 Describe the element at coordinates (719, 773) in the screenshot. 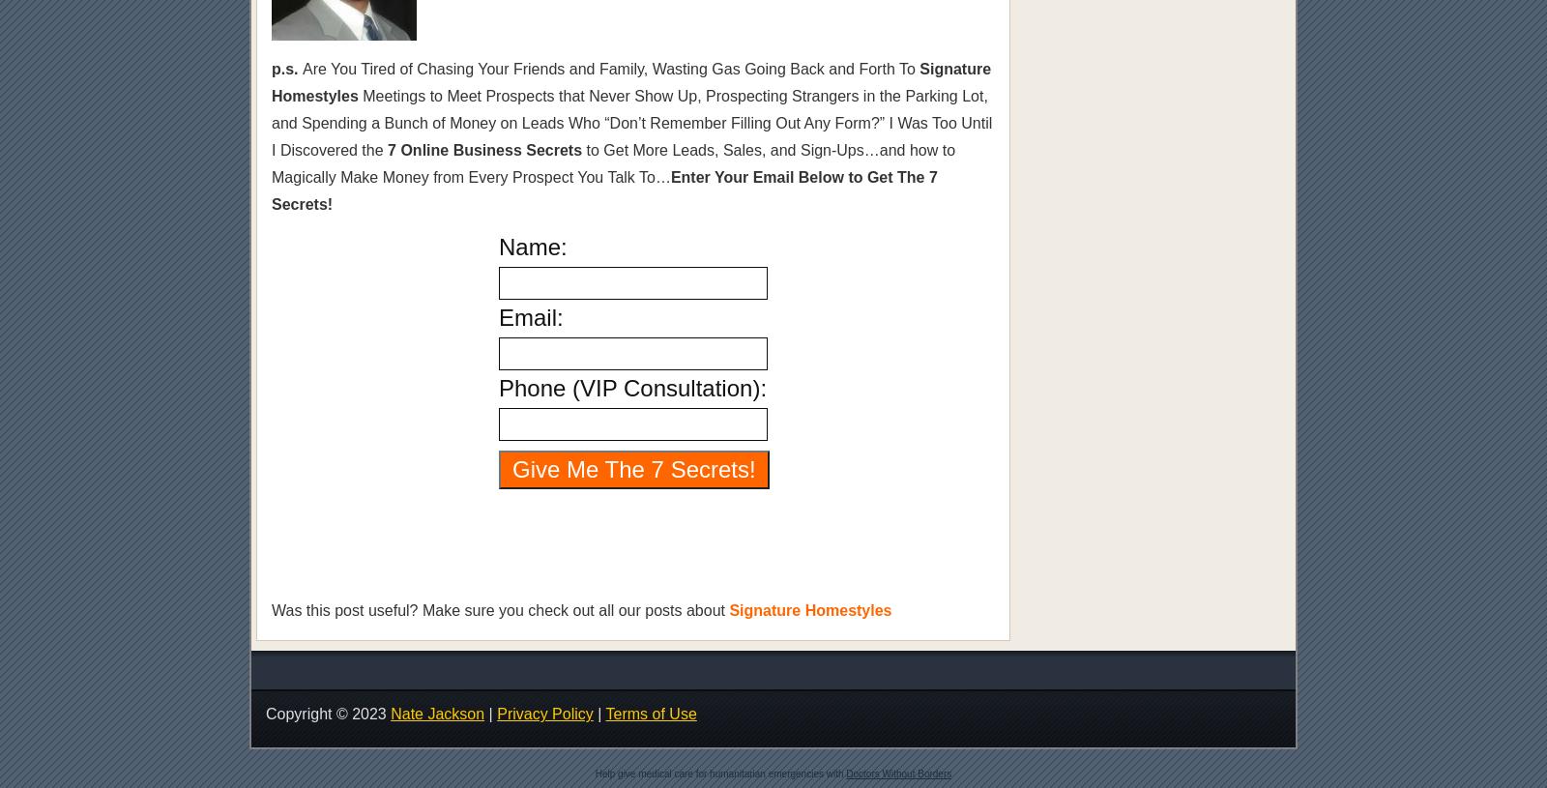

I see `'Help give medical care for humanitarian emergencies with'` at that location.